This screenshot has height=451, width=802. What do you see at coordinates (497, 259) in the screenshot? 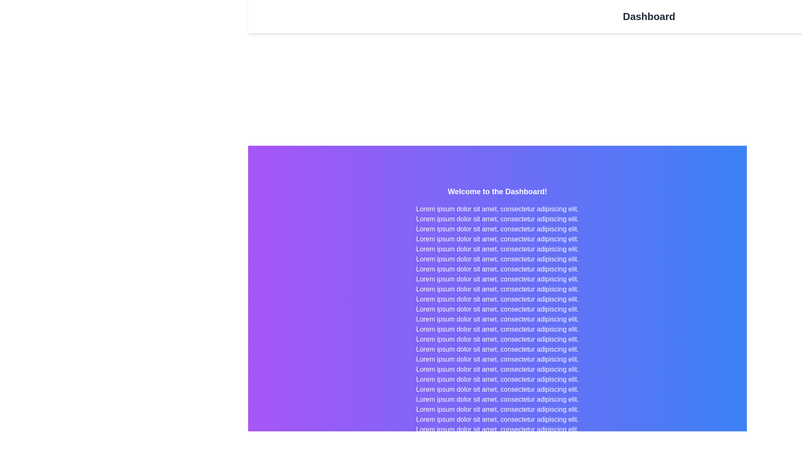
I see `the text block containing the phrase 'Lorem ipsum dolor sit amet, consectetur adipiscing elit.' which is styled with white text on a gradient background and is the seventh paragraph under the 'Welcome to the Dashboard!' header` at bounding box center [497, 259].